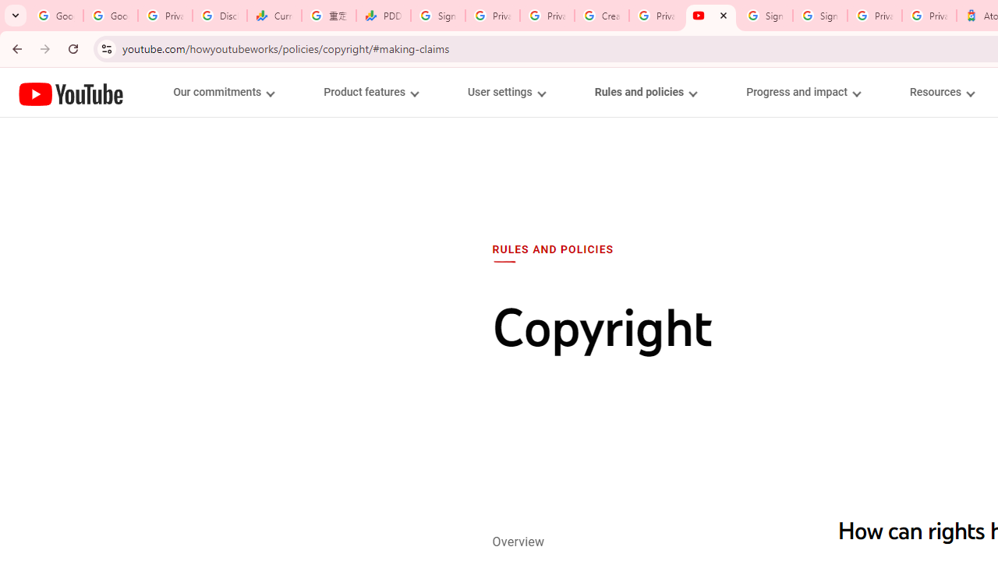 The image size is (998, 561). What do you see at coordinates (56, 16) in the screenshot?
I see `'Google Workspace Admin Community'` at bounding box center [56, 16].